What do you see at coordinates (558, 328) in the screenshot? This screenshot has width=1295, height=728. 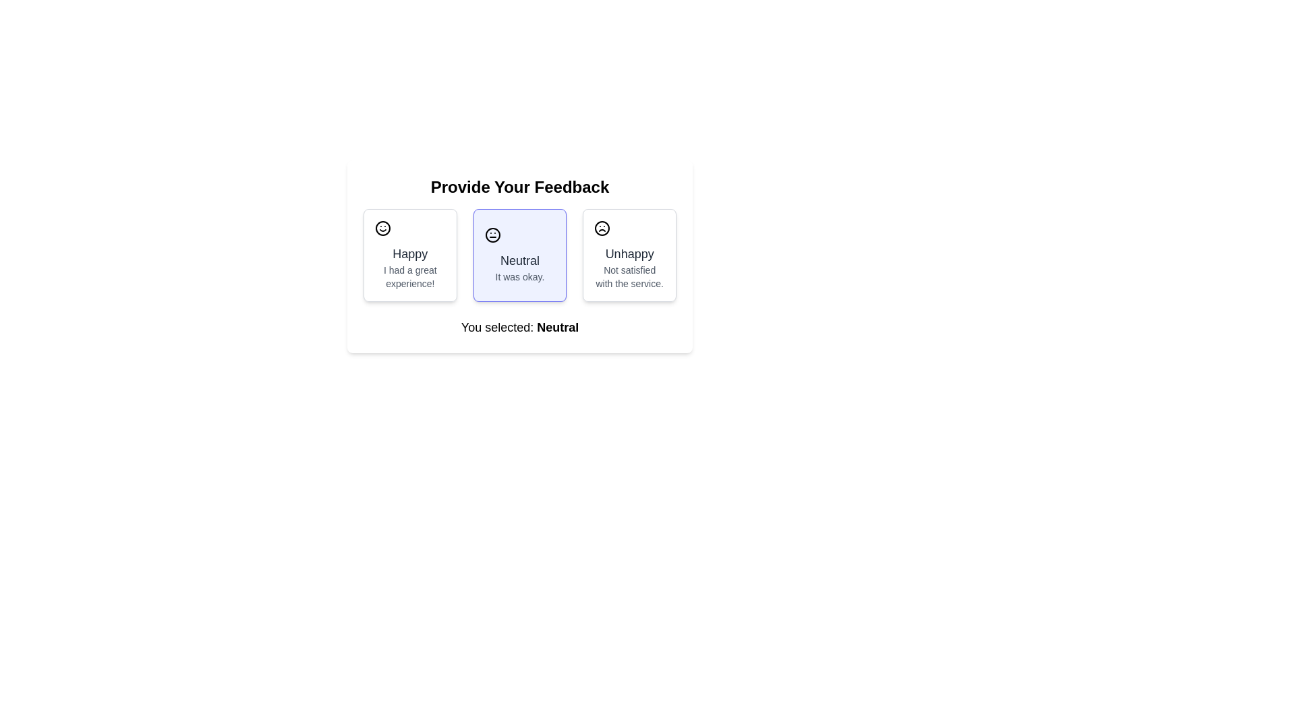 I see `bold black text label displaying the word 'Neutral', which is part of the sentence 'You selected: Neutral' located below the feedback selection section` at bounding box center [558, 328].